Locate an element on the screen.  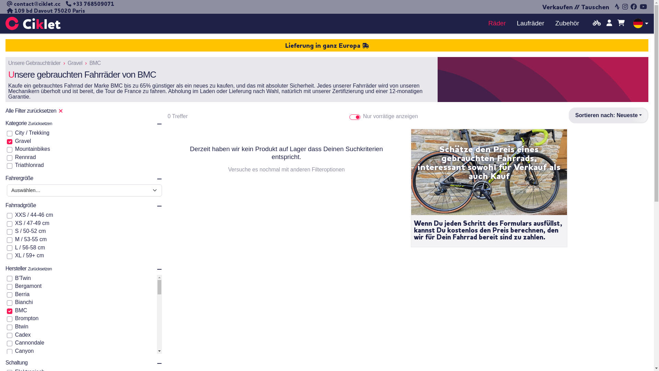
'Instagram' is located at coordinates (625, 8).